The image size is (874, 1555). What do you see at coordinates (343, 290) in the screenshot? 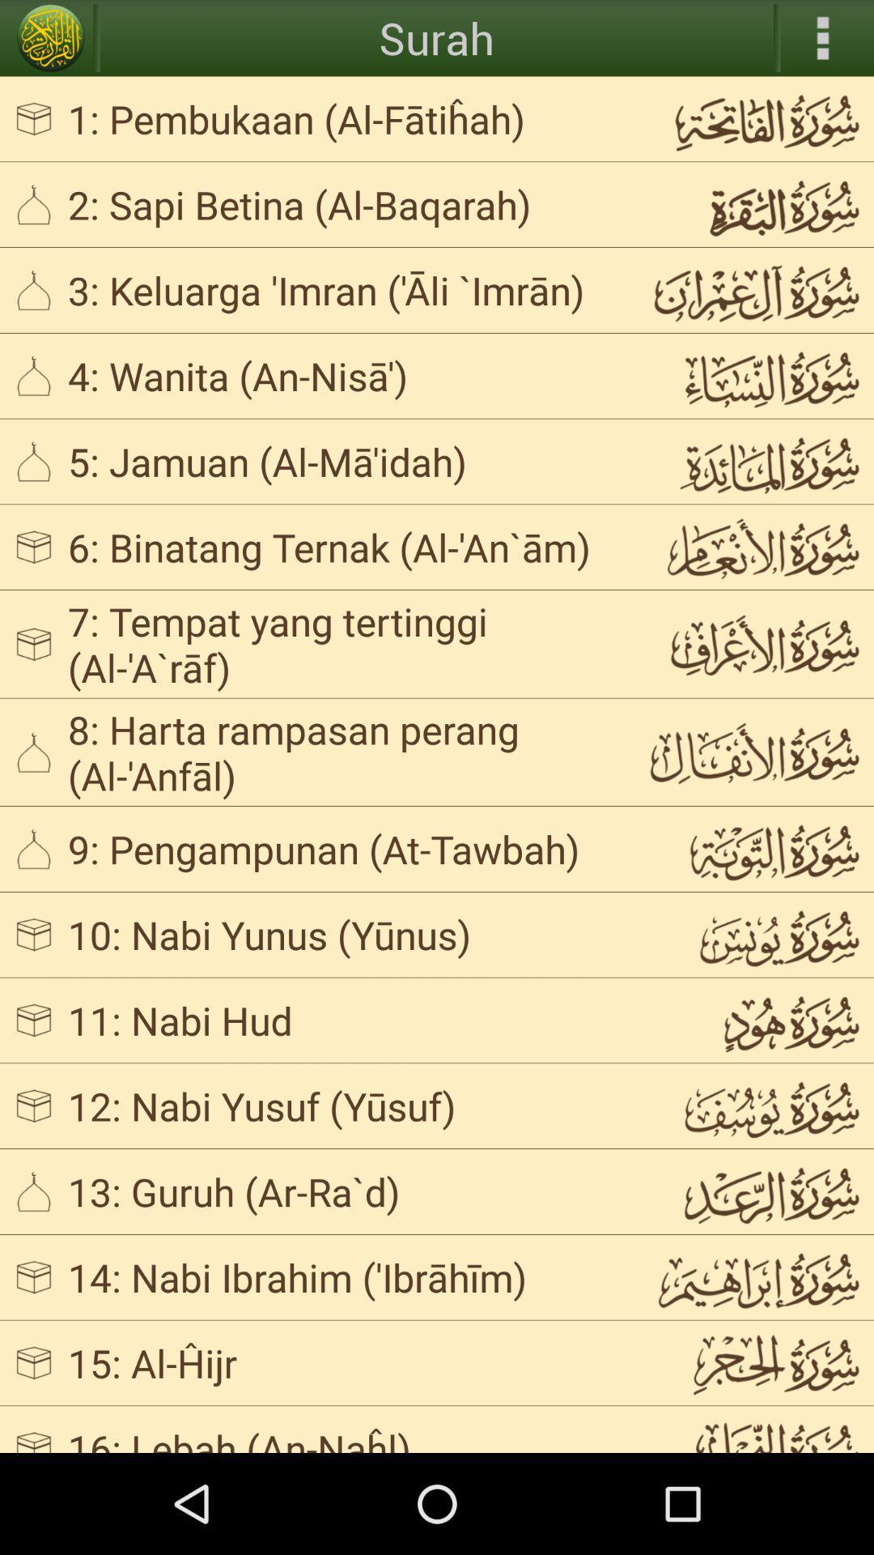
I see `3 keluarga imran icon` at bounding box center [343, 290].